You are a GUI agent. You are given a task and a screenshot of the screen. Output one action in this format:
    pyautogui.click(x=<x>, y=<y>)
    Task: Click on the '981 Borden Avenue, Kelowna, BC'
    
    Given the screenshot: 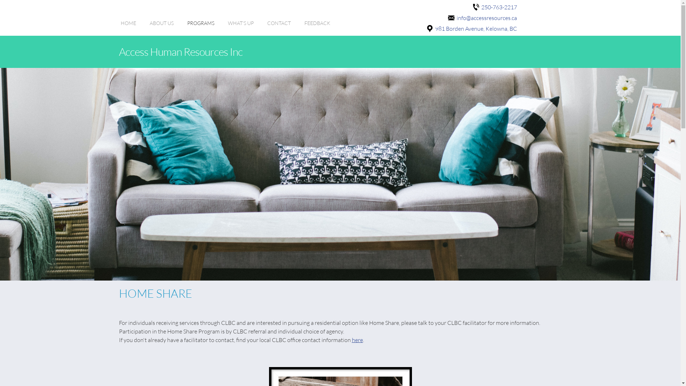 What is the action you would take?
    pyautogui.click(x=474, y=28)
    